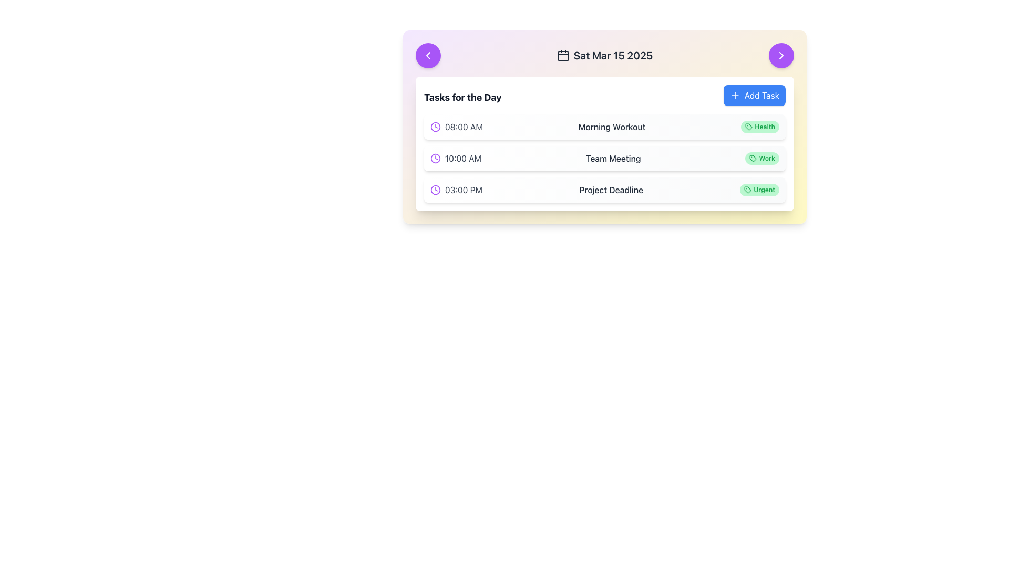  I want to click on the 'Health' label with a green background and icon, located in the 'Morning Workout' entry of the list, positioned to the right of 'Morning Workout', so click(760, 127).